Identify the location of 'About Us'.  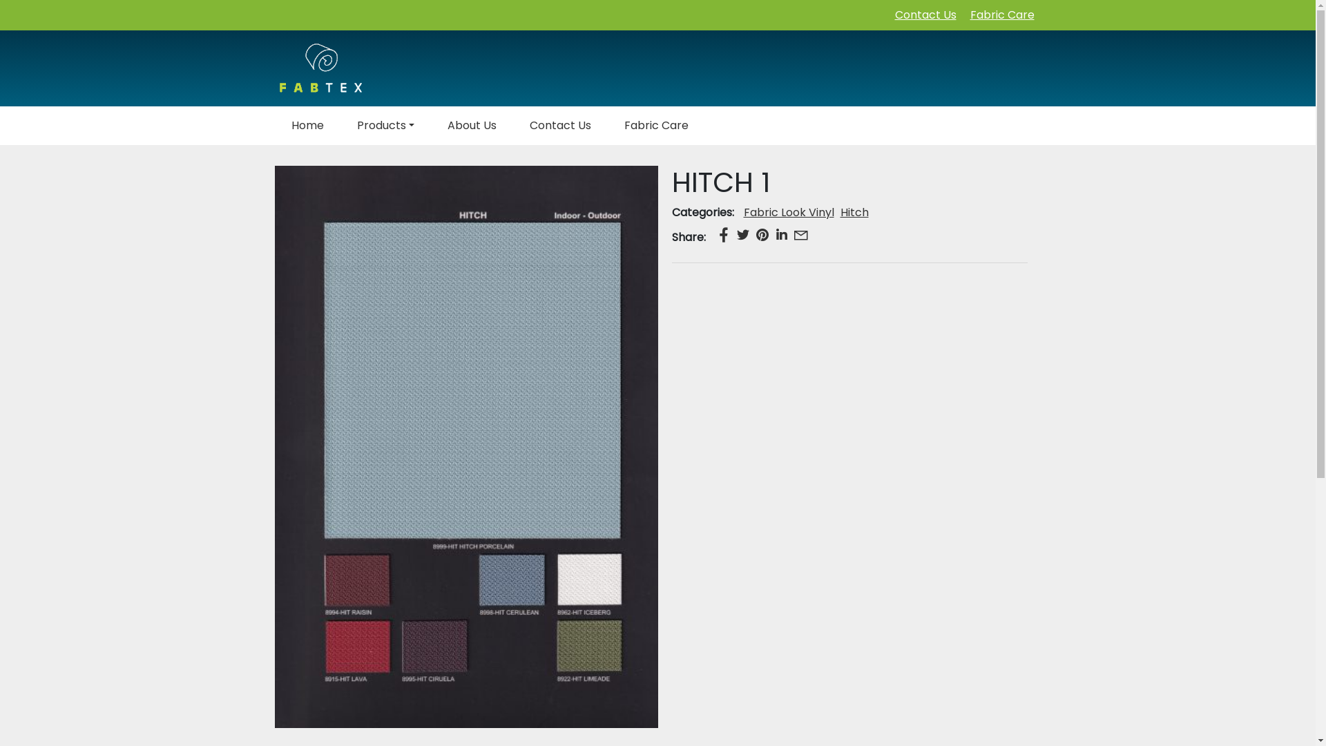
(472, 125).